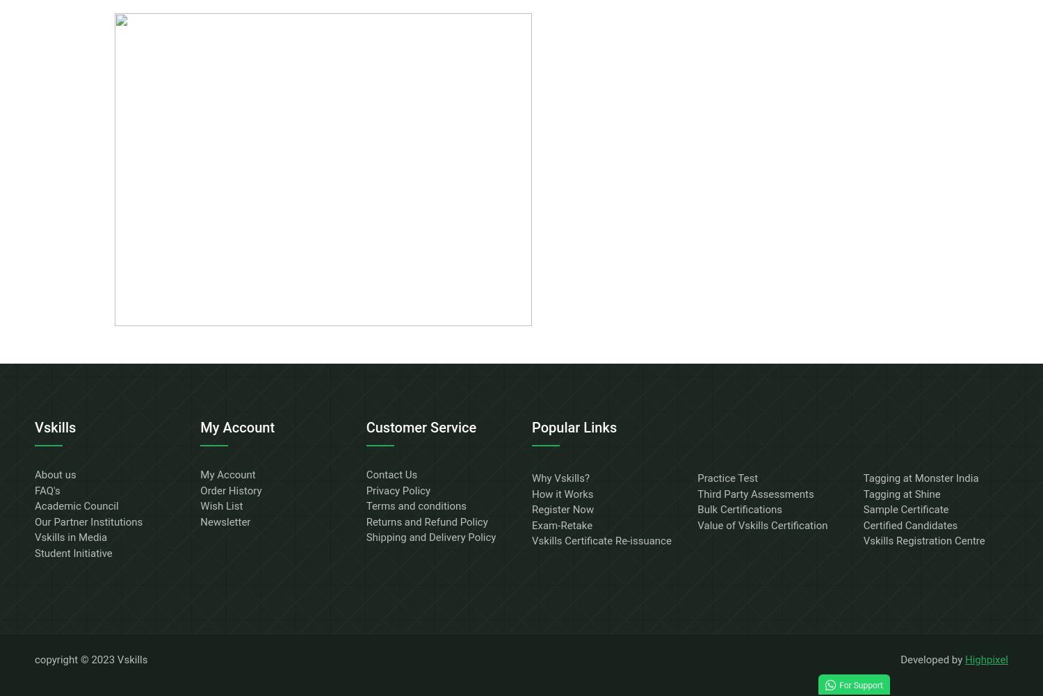  Describe the element at coordinates (34, 521) in the screenshot. I see `'Our Partner Institutions'` at that location.